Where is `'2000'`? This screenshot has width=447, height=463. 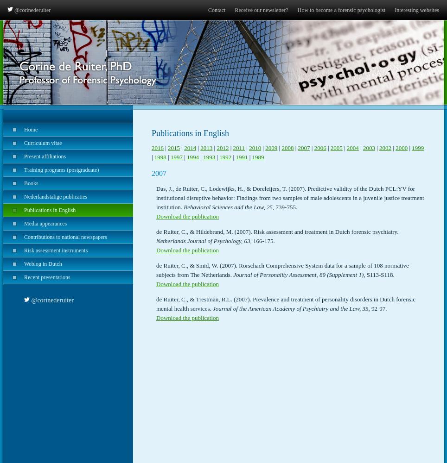 '2000' is located at coordinates (401, 147).